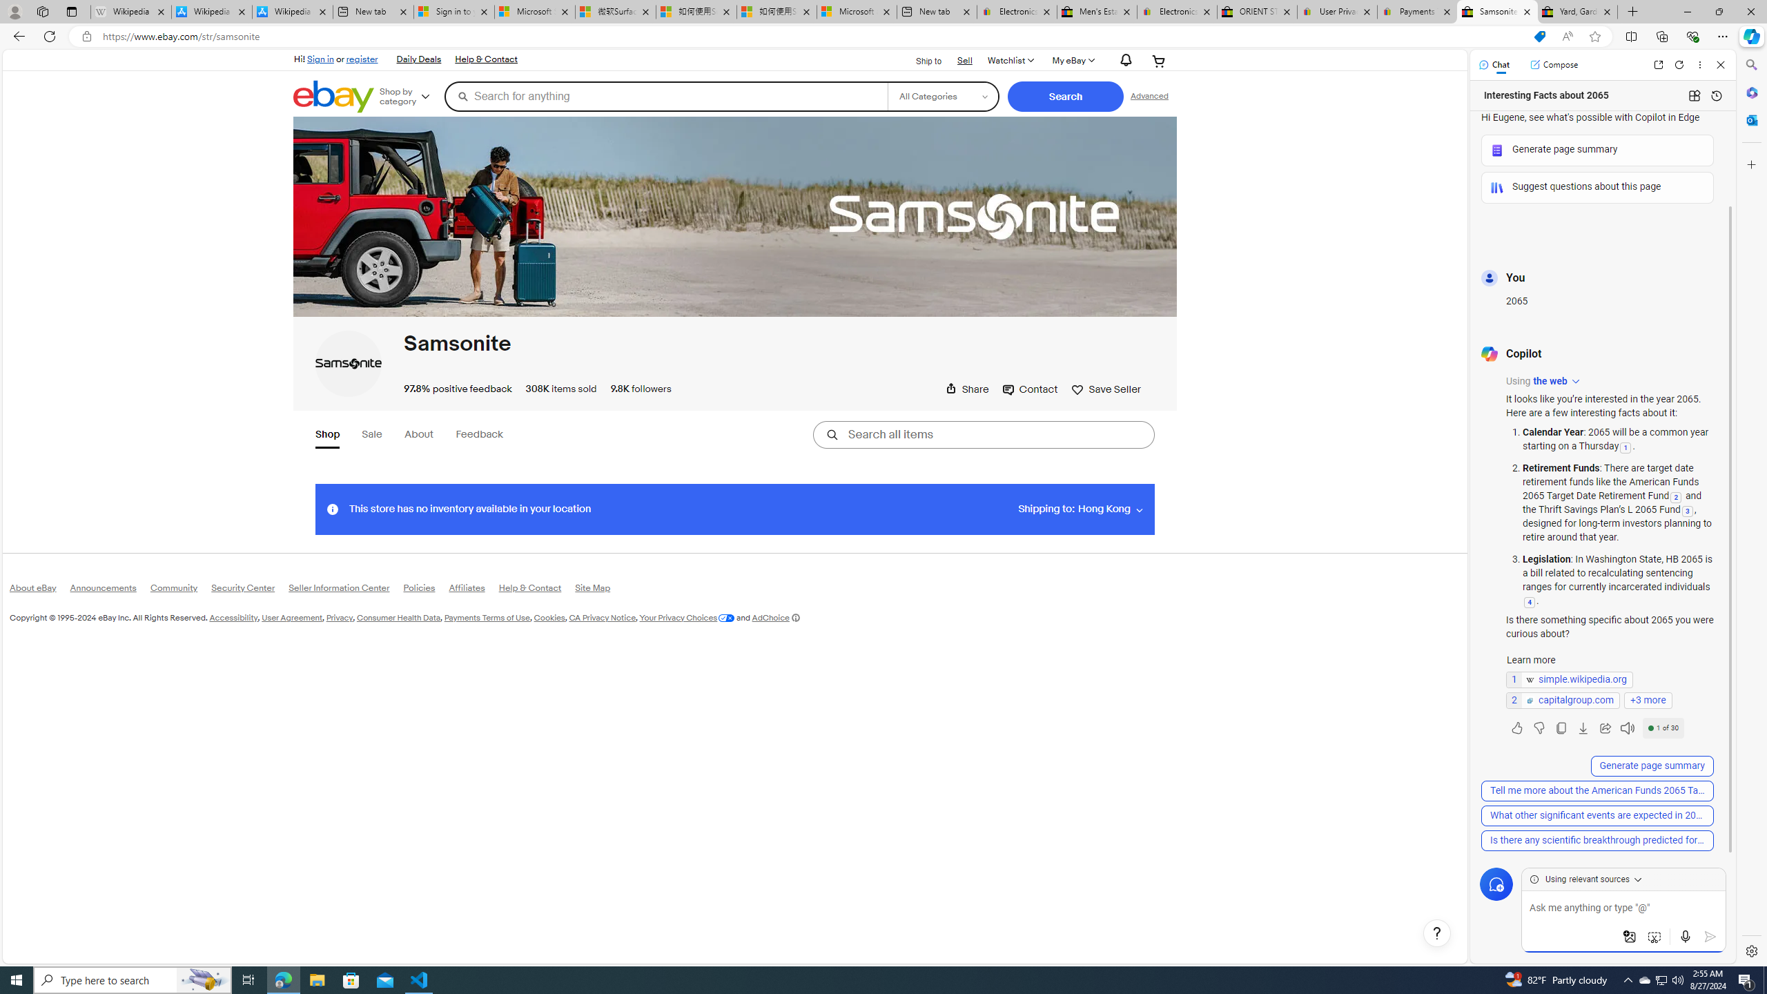 Image resolution: width=1767 pixels, height=994 pixels. Describe the element at coordinates (856, 11) in the screenshot. I see `'Microsoft account | Account Checkup'` at that location.